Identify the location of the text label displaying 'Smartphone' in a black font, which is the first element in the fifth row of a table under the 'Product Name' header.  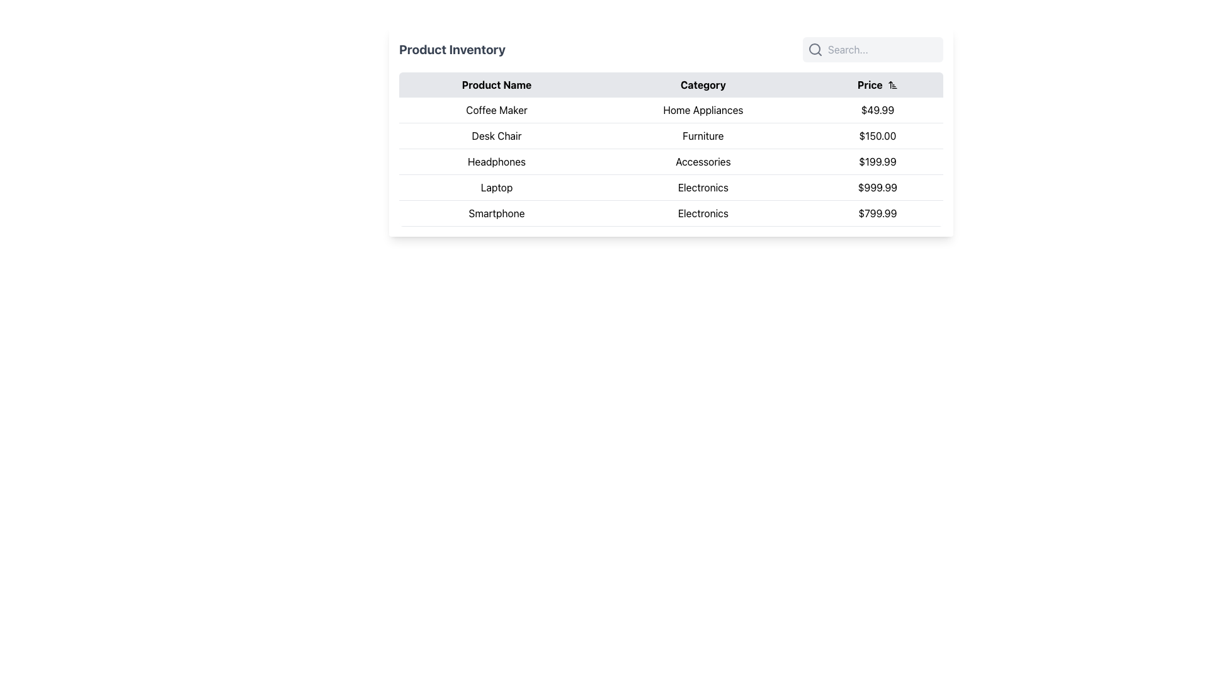
(496, 213).